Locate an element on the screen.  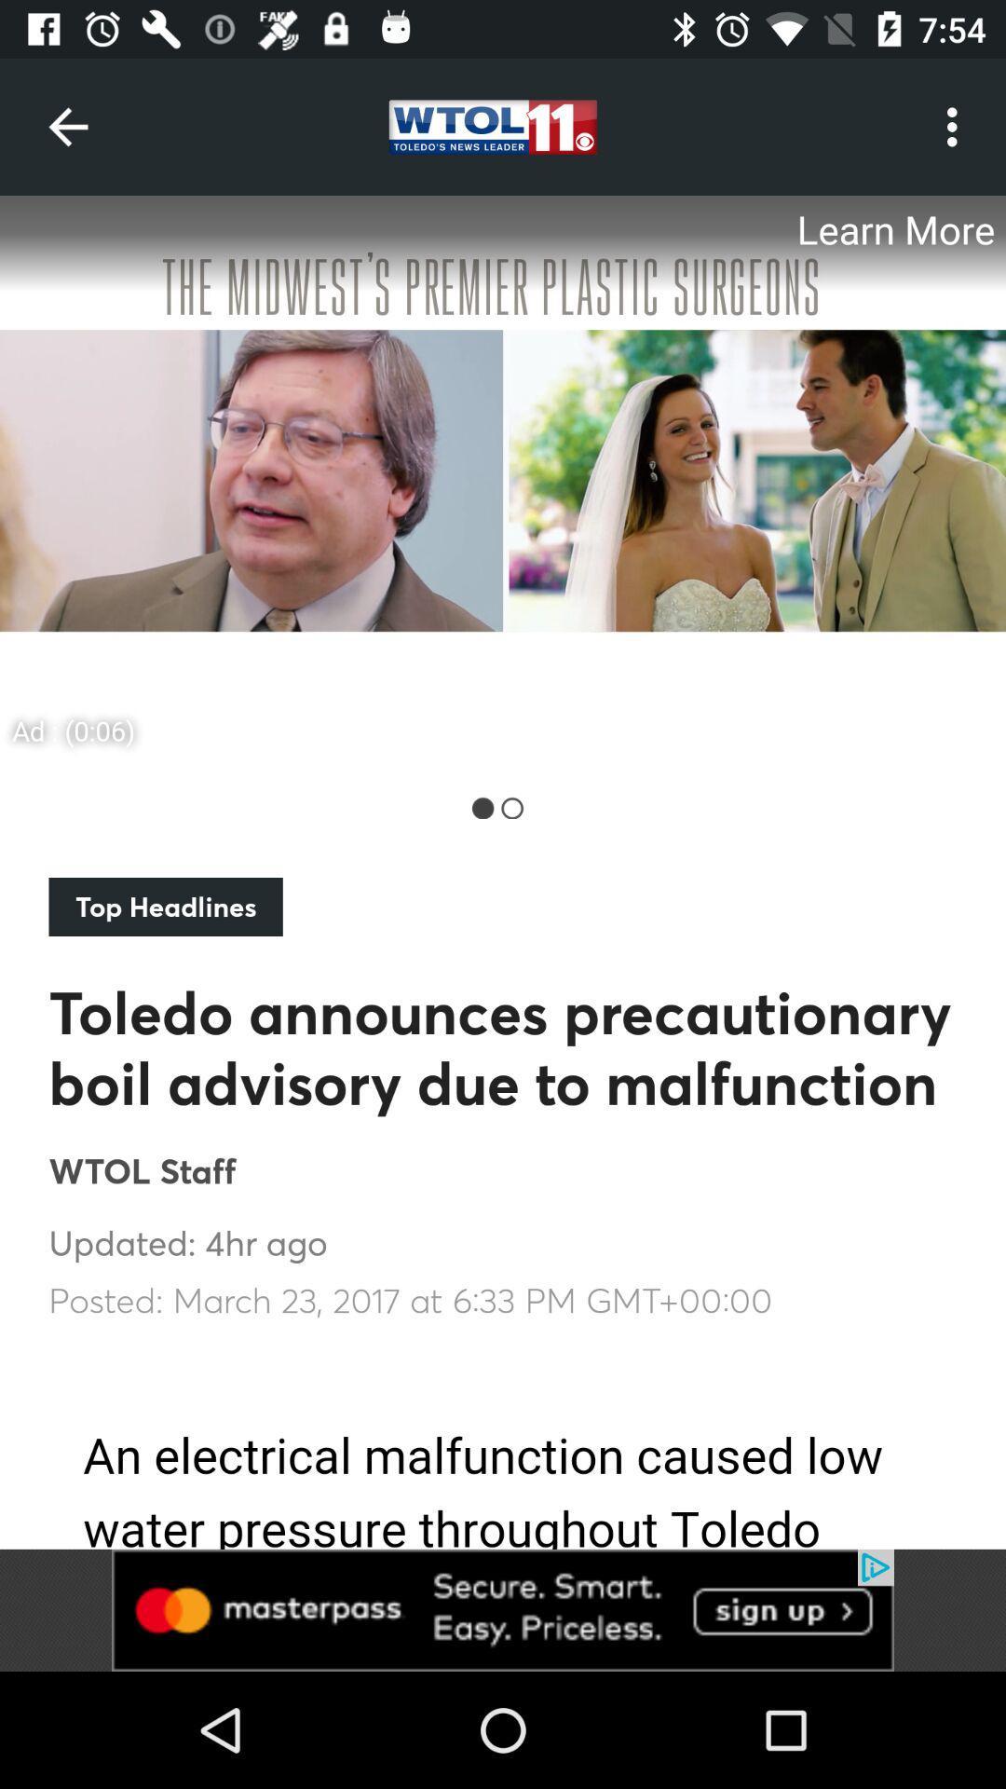
screenshot of the news given below is located at coordinates (503, 478).